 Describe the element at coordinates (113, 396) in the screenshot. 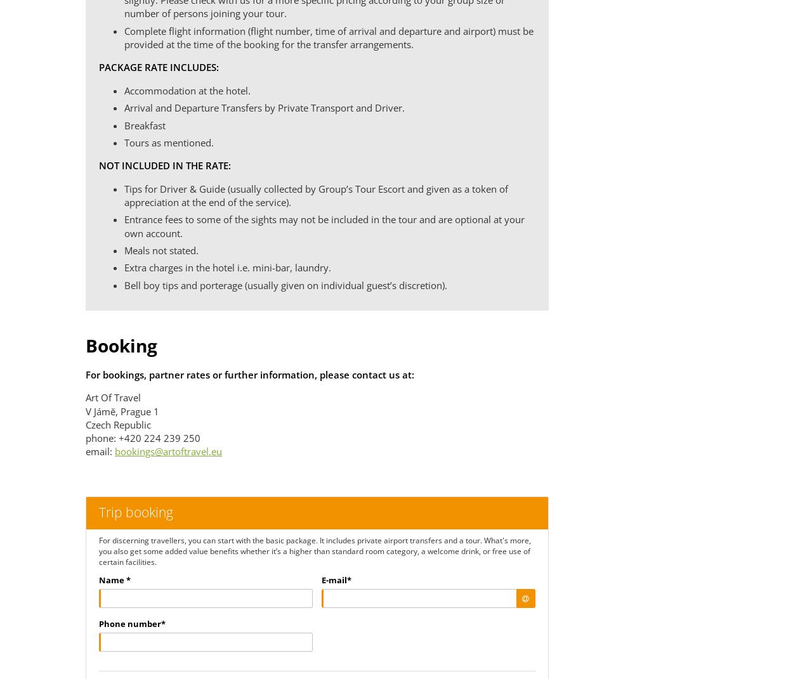

I see `'Art Of Travel'` at that location.